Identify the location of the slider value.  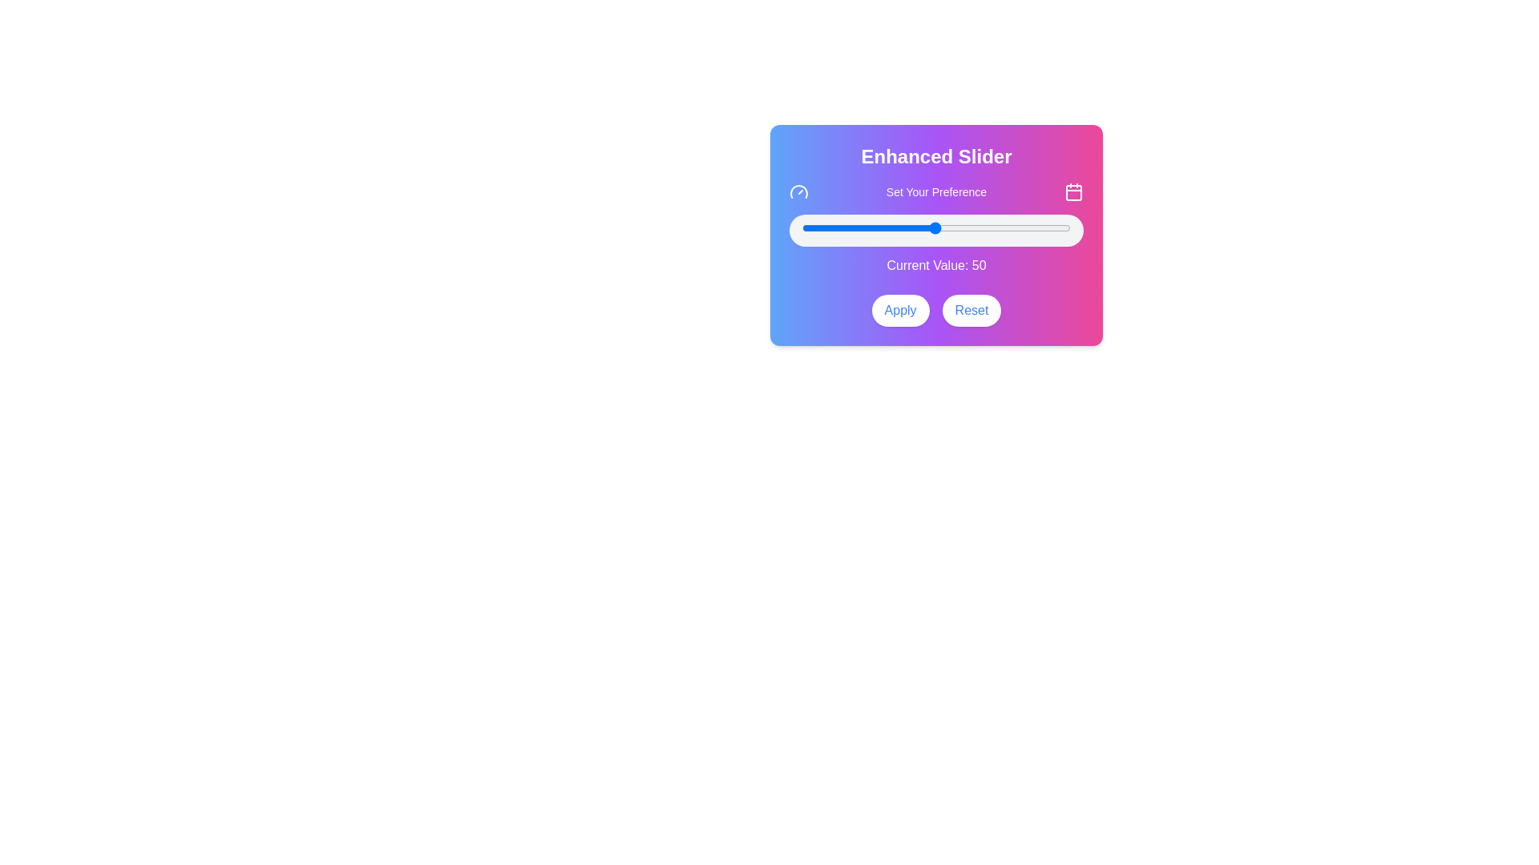
(935, 228).